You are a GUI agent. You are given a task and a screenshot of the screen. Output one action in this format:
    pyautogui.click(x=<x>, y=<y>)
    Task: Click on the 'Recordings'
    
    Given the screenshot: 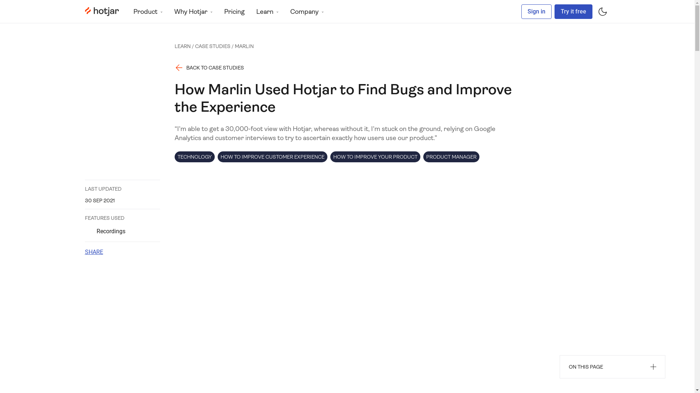 What is the action you would take?
    pyautogui.click(x=122, y=231)
    